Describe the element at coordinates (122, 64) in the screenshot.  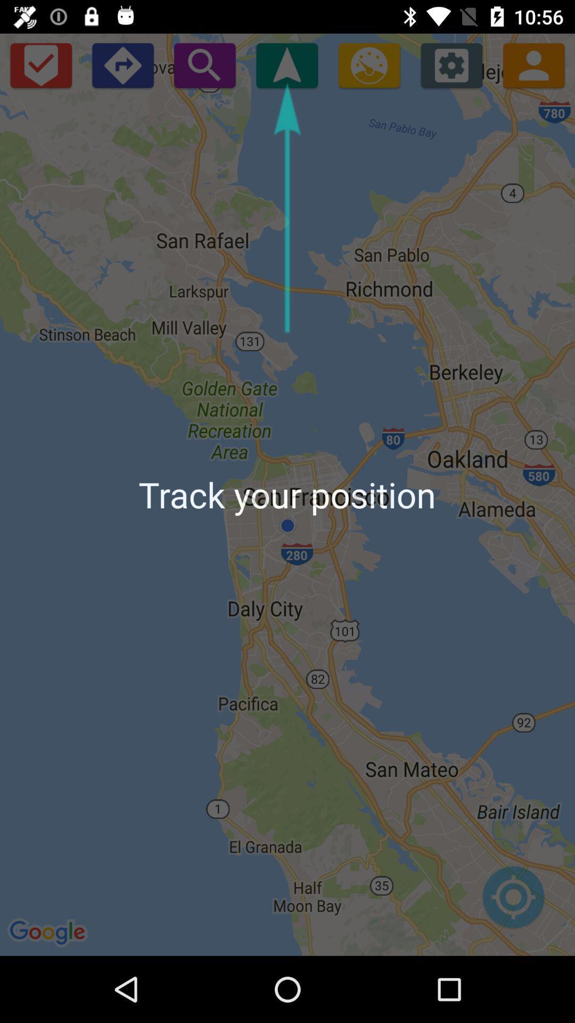
I see `directions` at that location.